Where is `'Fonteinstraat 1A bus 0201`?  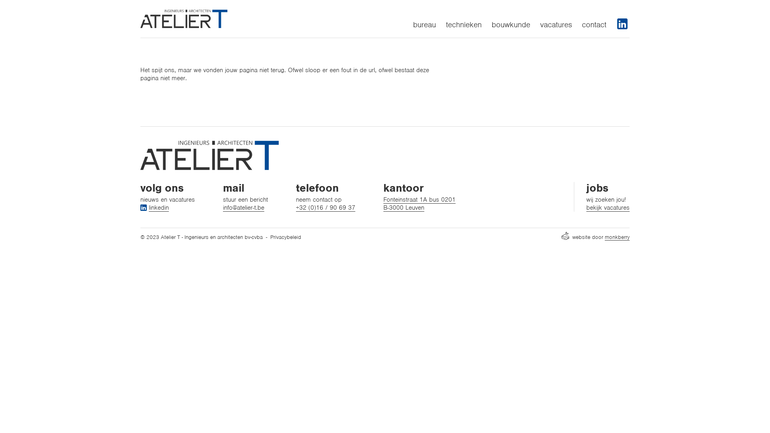
'Fonteinstraat 1A bus 0201 is located at coordinates (383, 203).